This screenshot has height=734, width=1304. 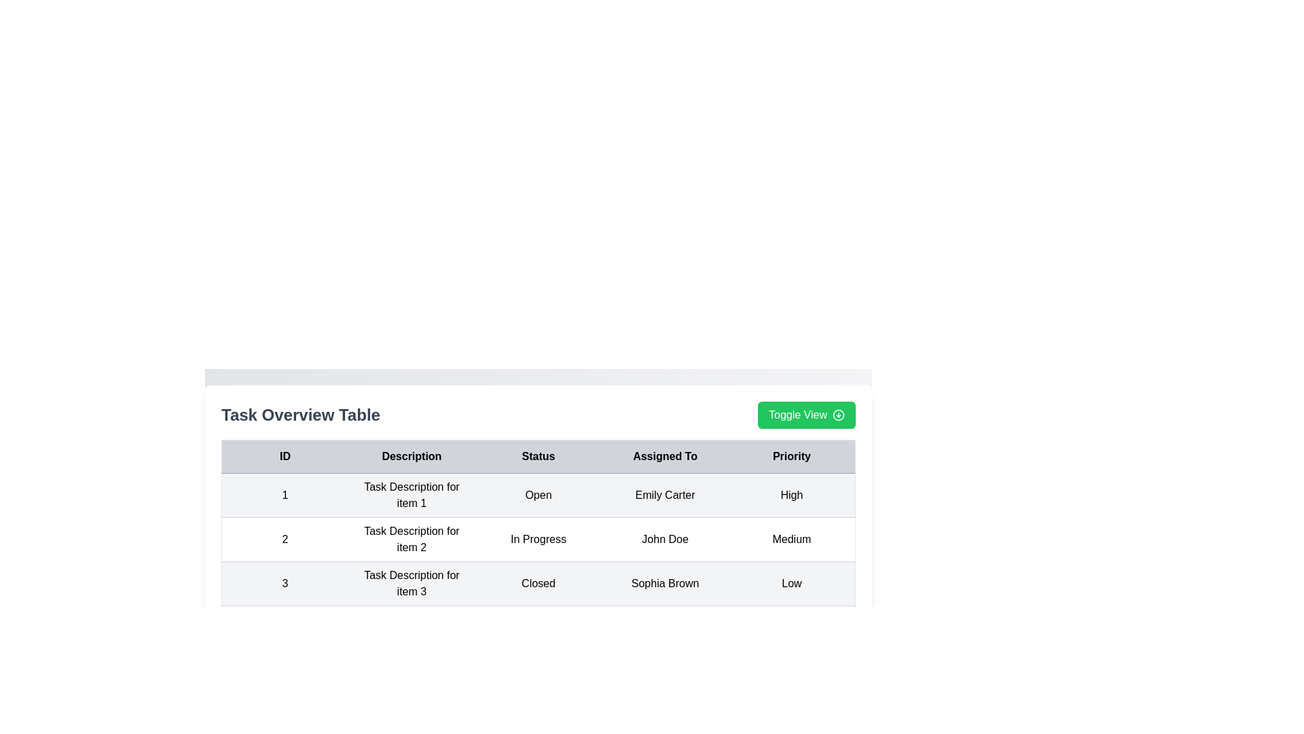 I want to click on 'Toggle View' button to toggle the visibility of the details panel, so click(x=807, y=414).